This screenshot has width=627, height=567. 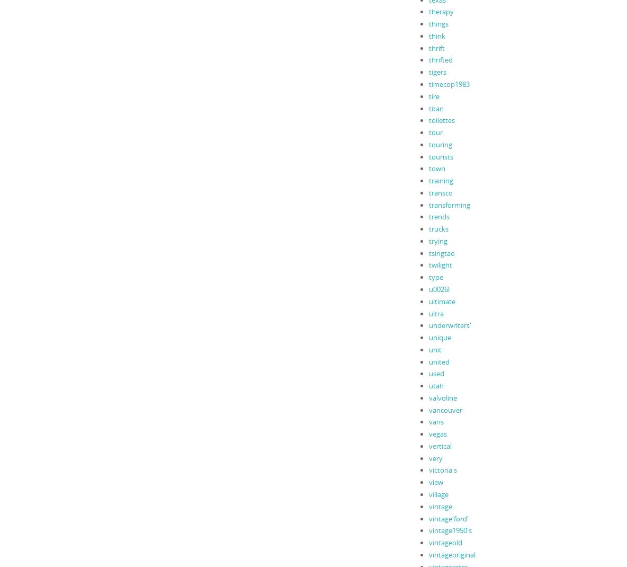 What do you see at coordinates (442, 300) in the screenshot?
I see `'ultimate'` at bounding box center [442, 300].